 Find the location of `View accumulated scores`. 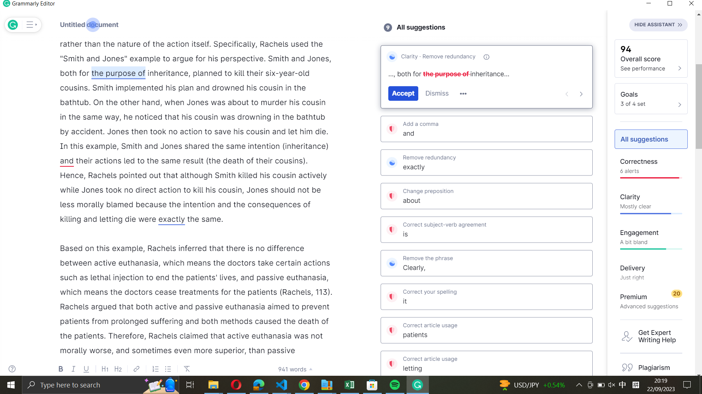

View accumulated scores is located at coordinates (651, 58).